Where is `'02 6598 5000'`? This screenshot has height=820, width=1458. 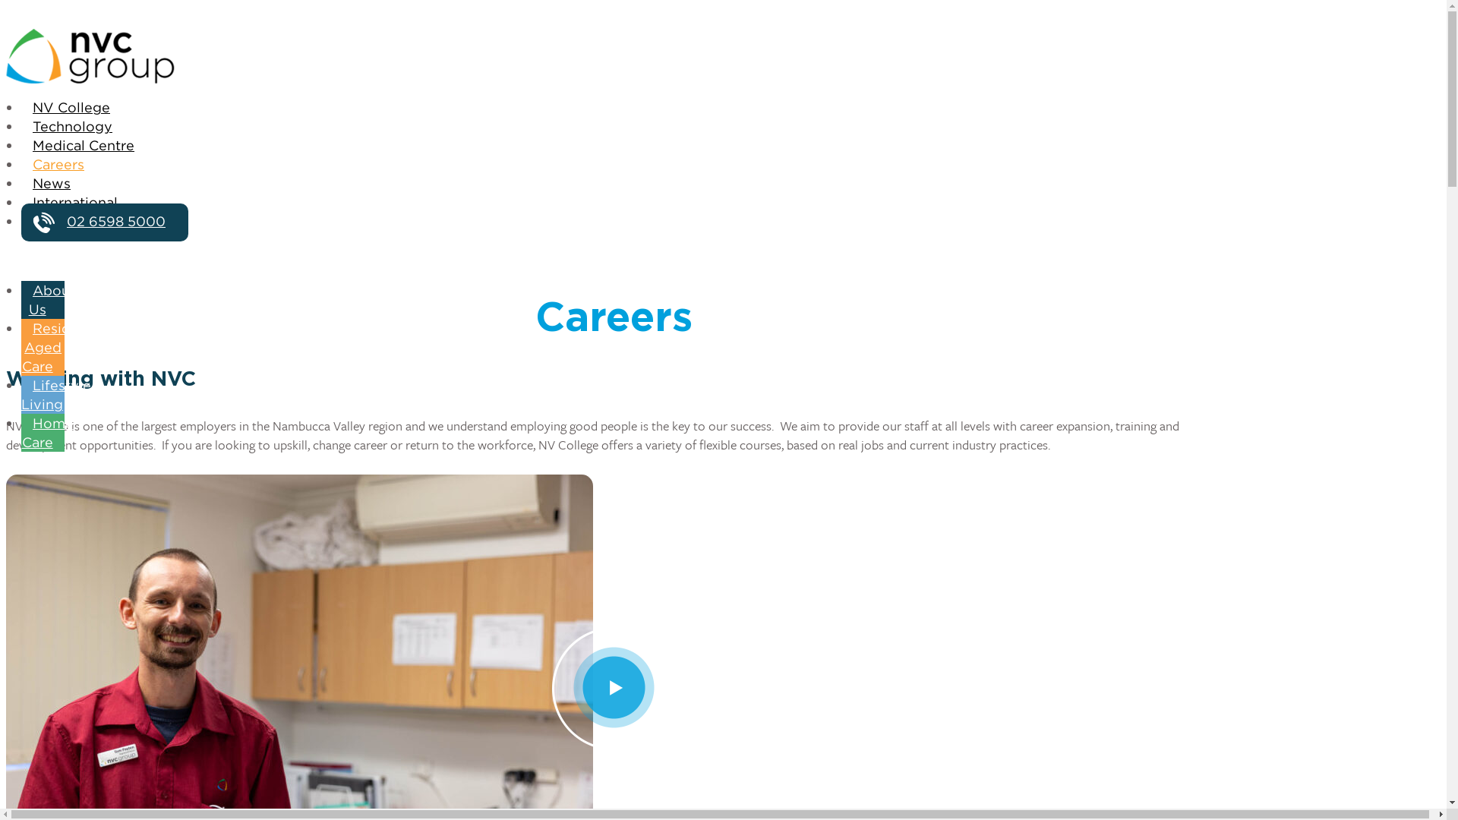
'02 6598 5000' is located at coordinates (104, 222).